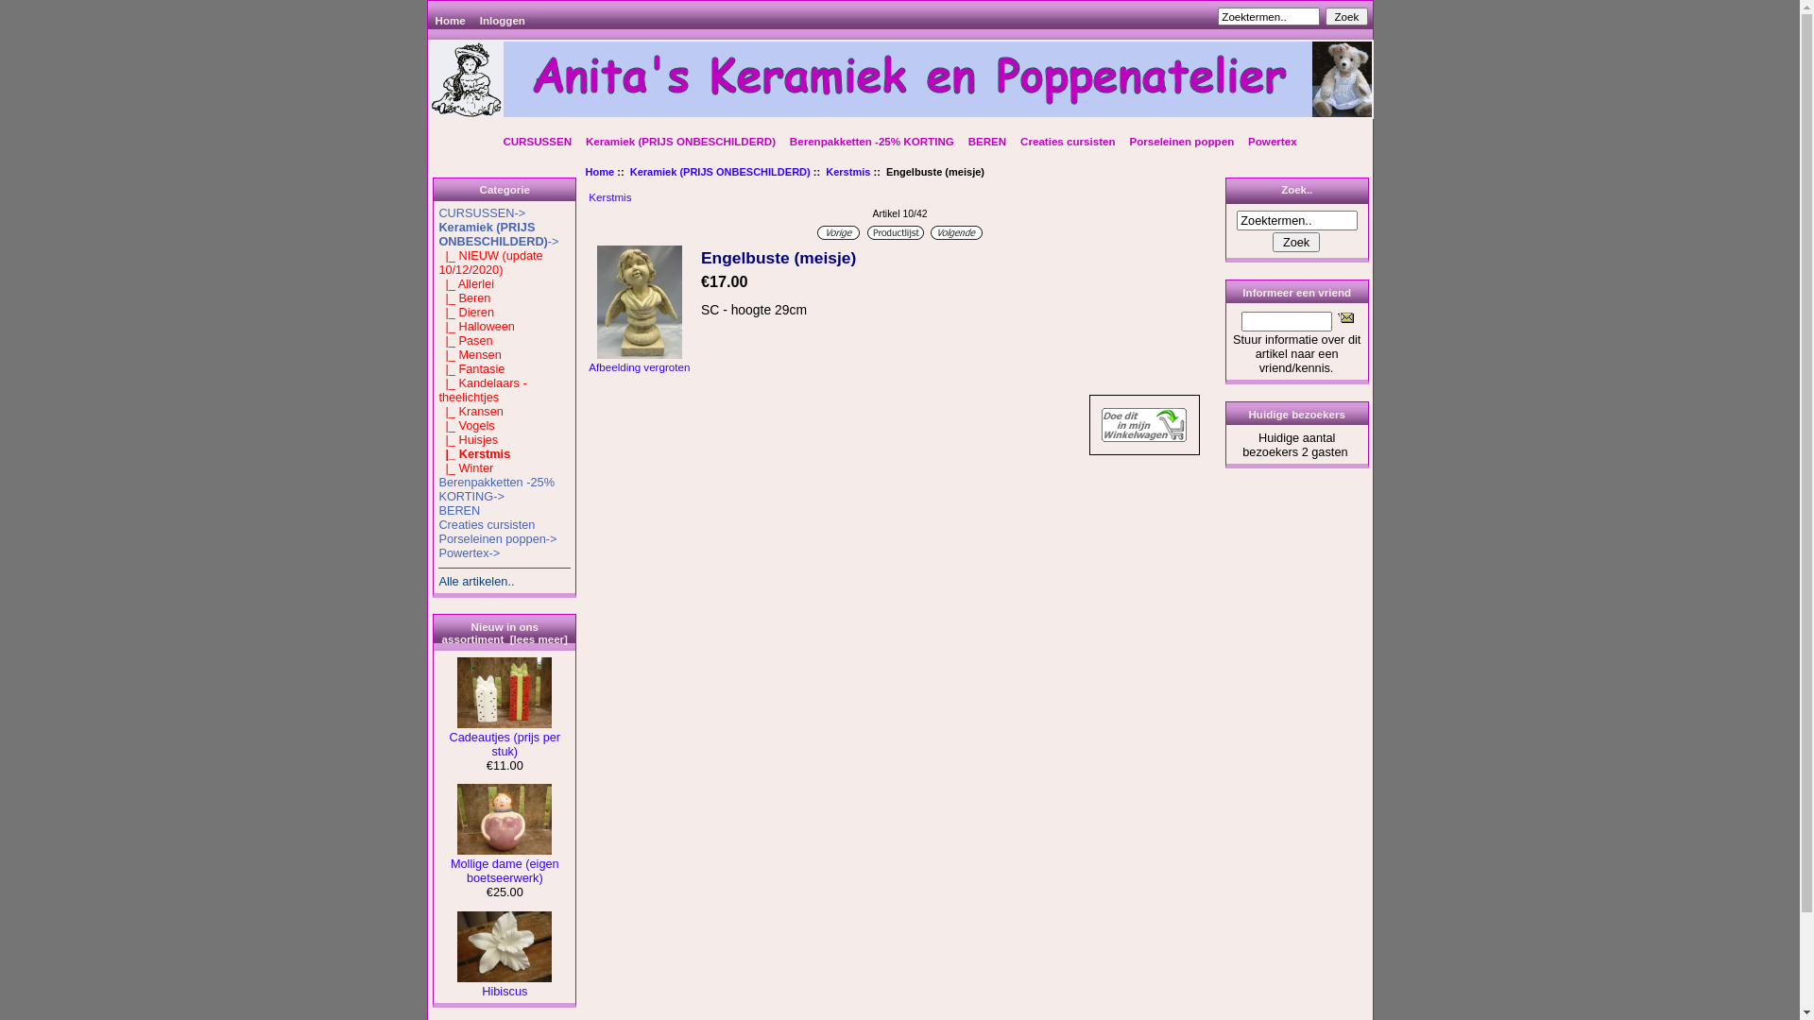 This screenshot has height=1020, width=1814. I want to click on 'Porseleinen poppen->', so click(437, 538).